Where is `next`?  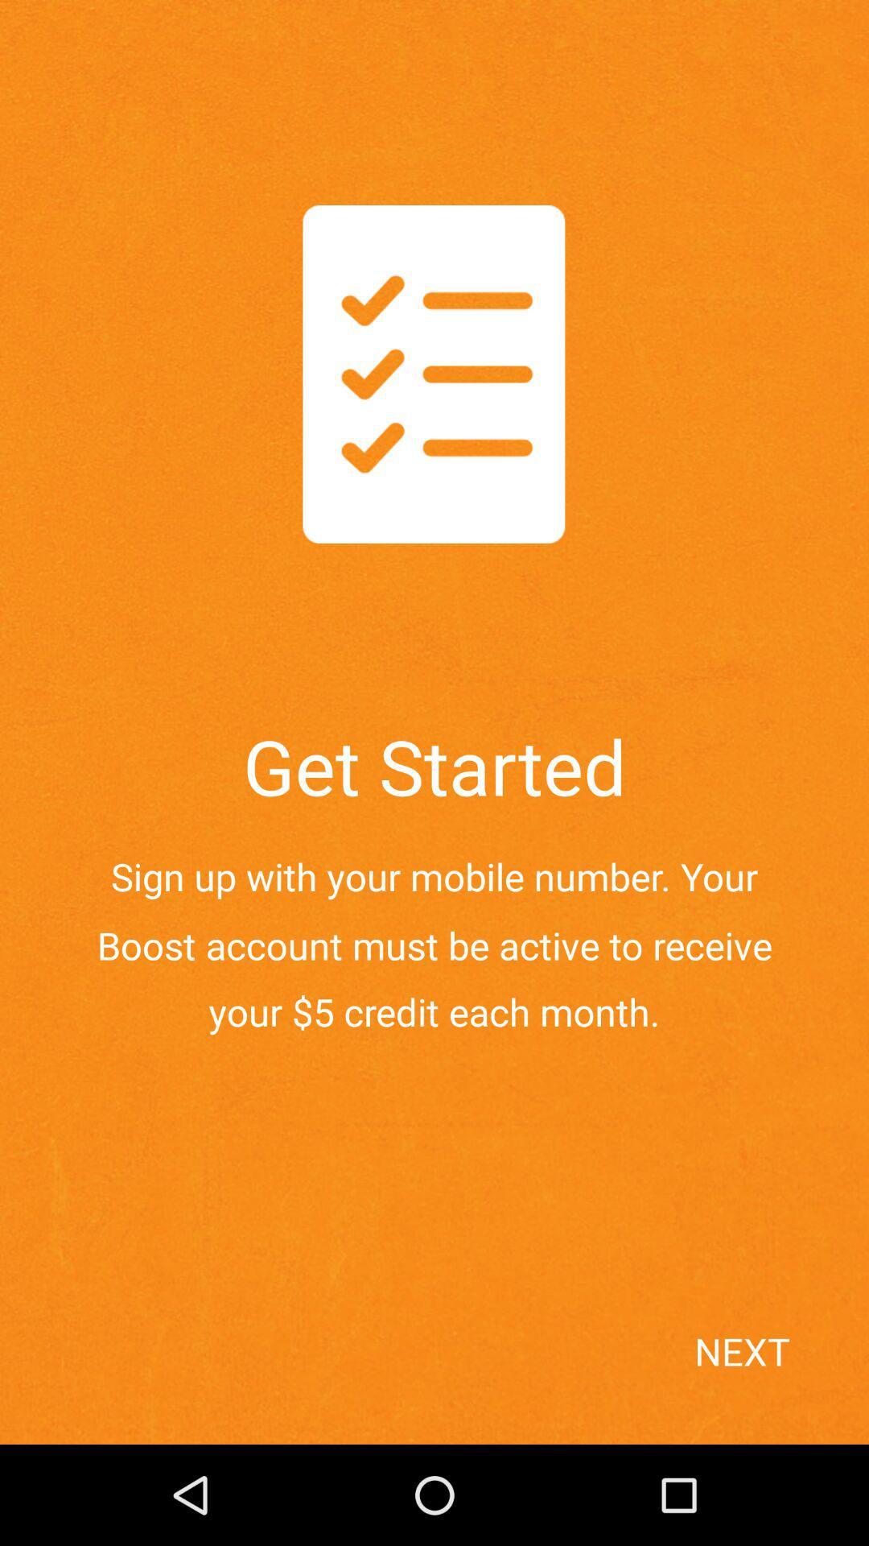
next is located at coordinates (775, 1379).